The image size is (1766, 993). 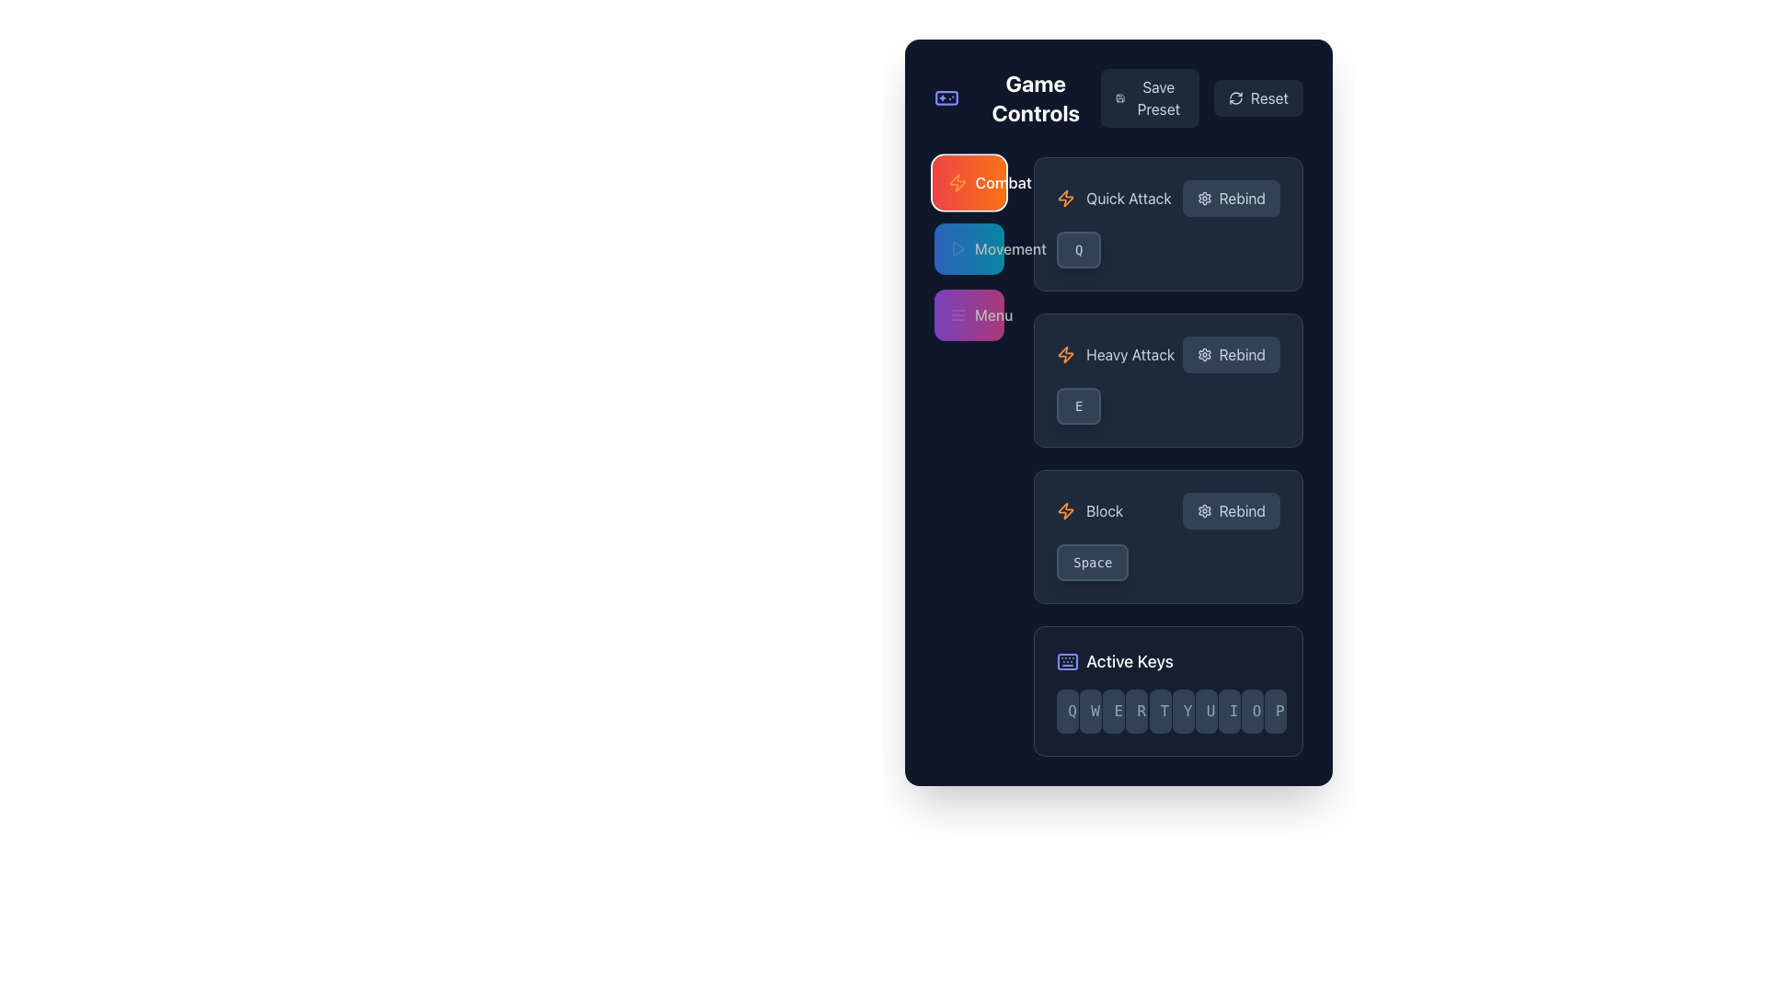 I want to click on the 'Combat' label, so click(x=1003, y=183).